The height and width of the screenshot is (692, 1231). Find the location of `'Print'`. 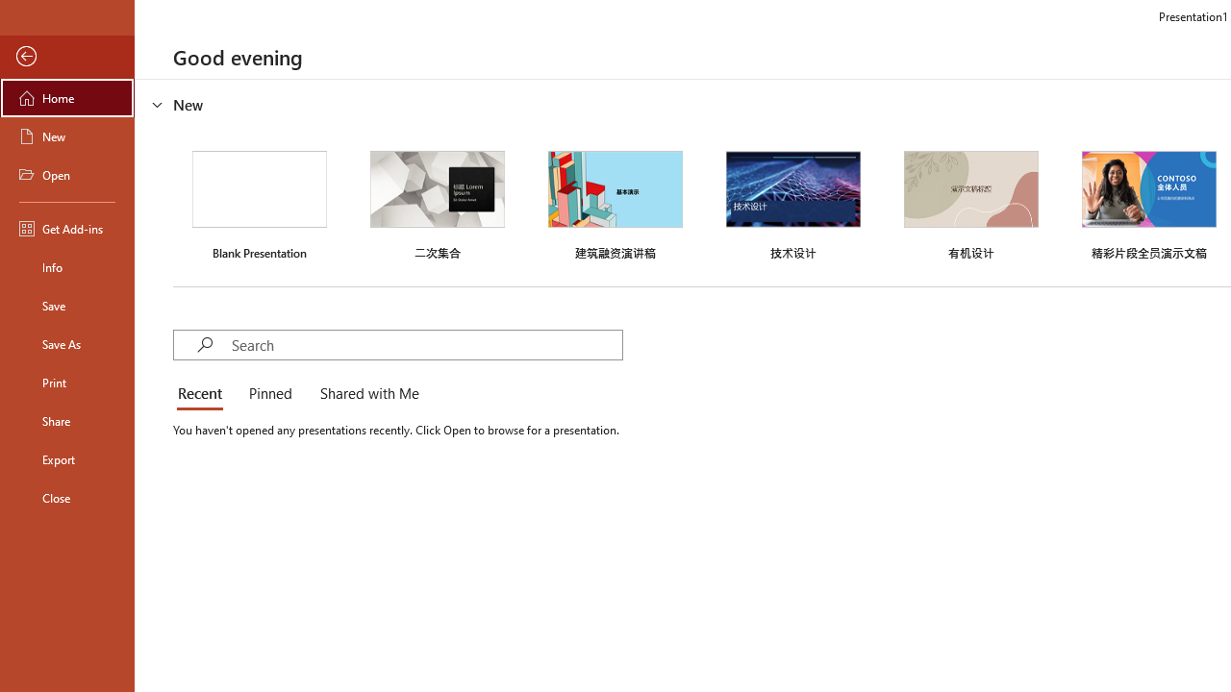

'Print' is located at coordinates (66, 383).